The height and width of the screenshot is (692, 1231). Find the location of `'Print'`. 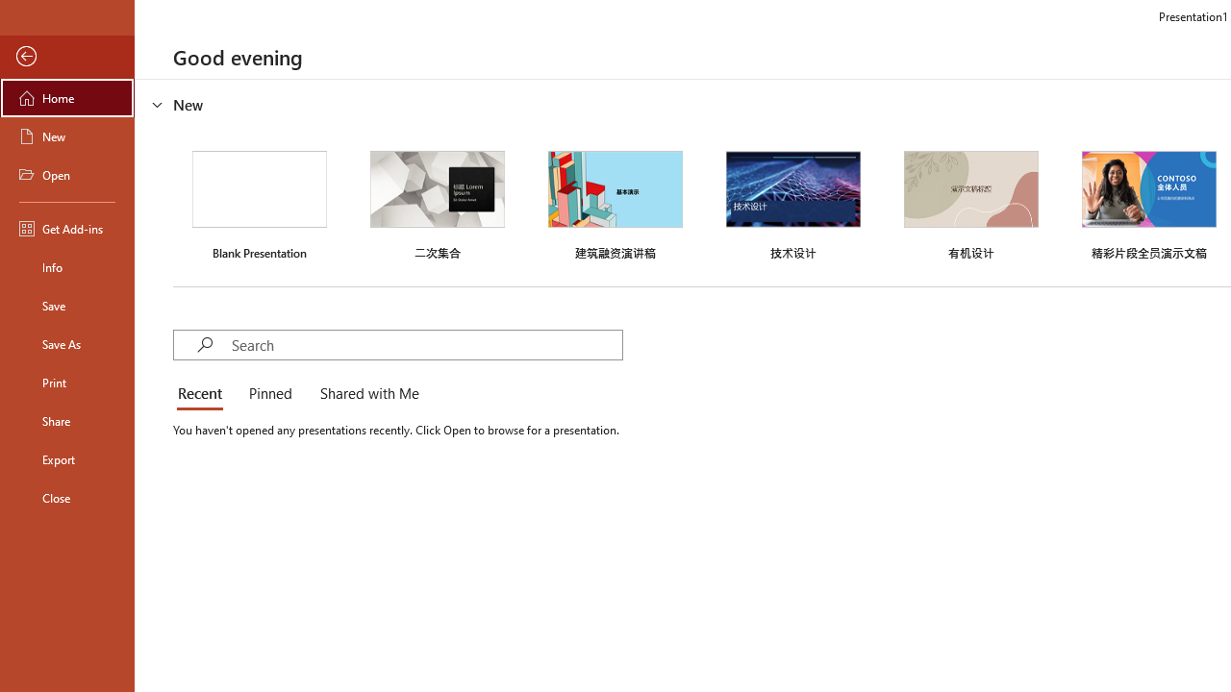

'Print' is located at coordinates (66, 383).